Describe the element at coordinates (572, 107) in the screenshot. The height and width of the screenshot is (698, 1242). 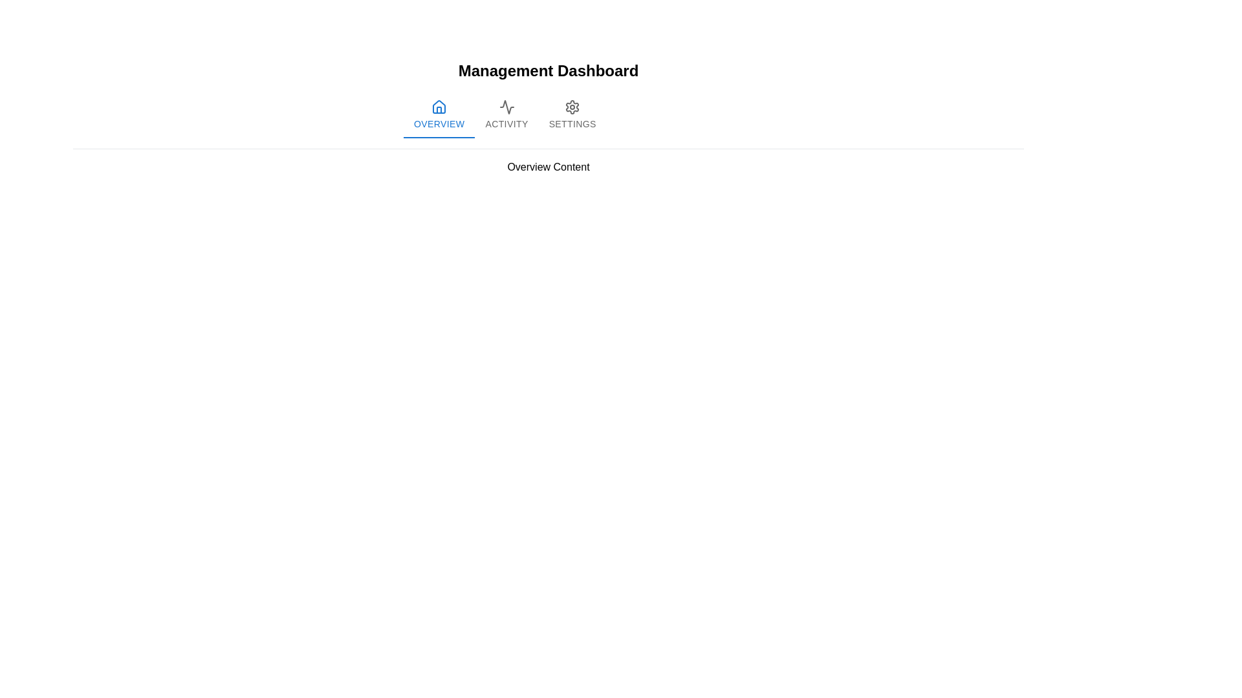
I see `the 'Settings' graphical icon located on the far-right side of the tab navigation bar` at that location.